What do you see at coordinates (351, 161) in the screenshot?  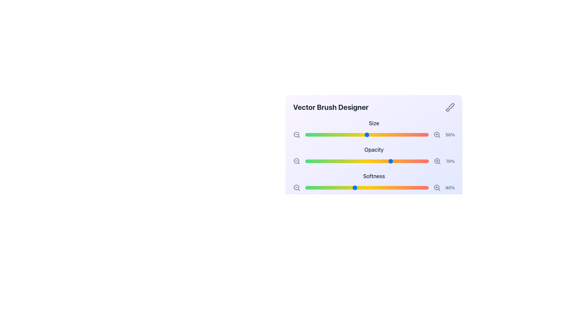 I see `opacity` at bounding box center [351, 161].